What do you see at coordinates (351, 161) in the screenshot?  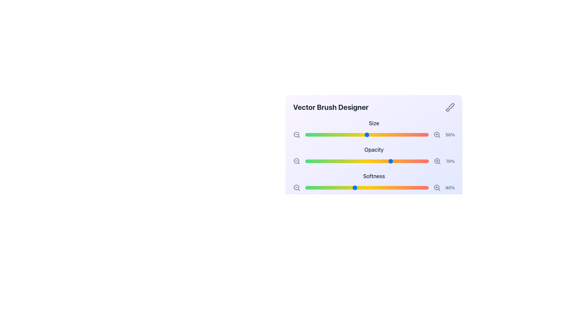 I see `opacity` at bounding box center [351, 161].